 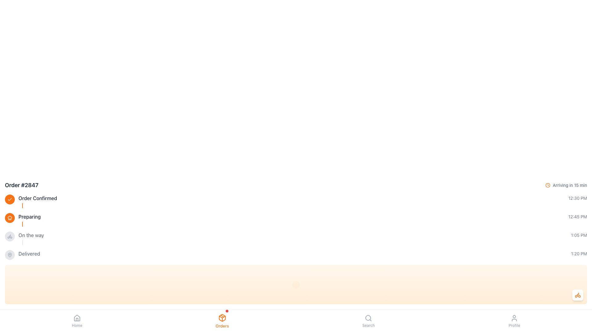 I want to click on the small, circular orange dot with a glowing effect located at the center of the bottom navigation area, so click(x=296, y=284).